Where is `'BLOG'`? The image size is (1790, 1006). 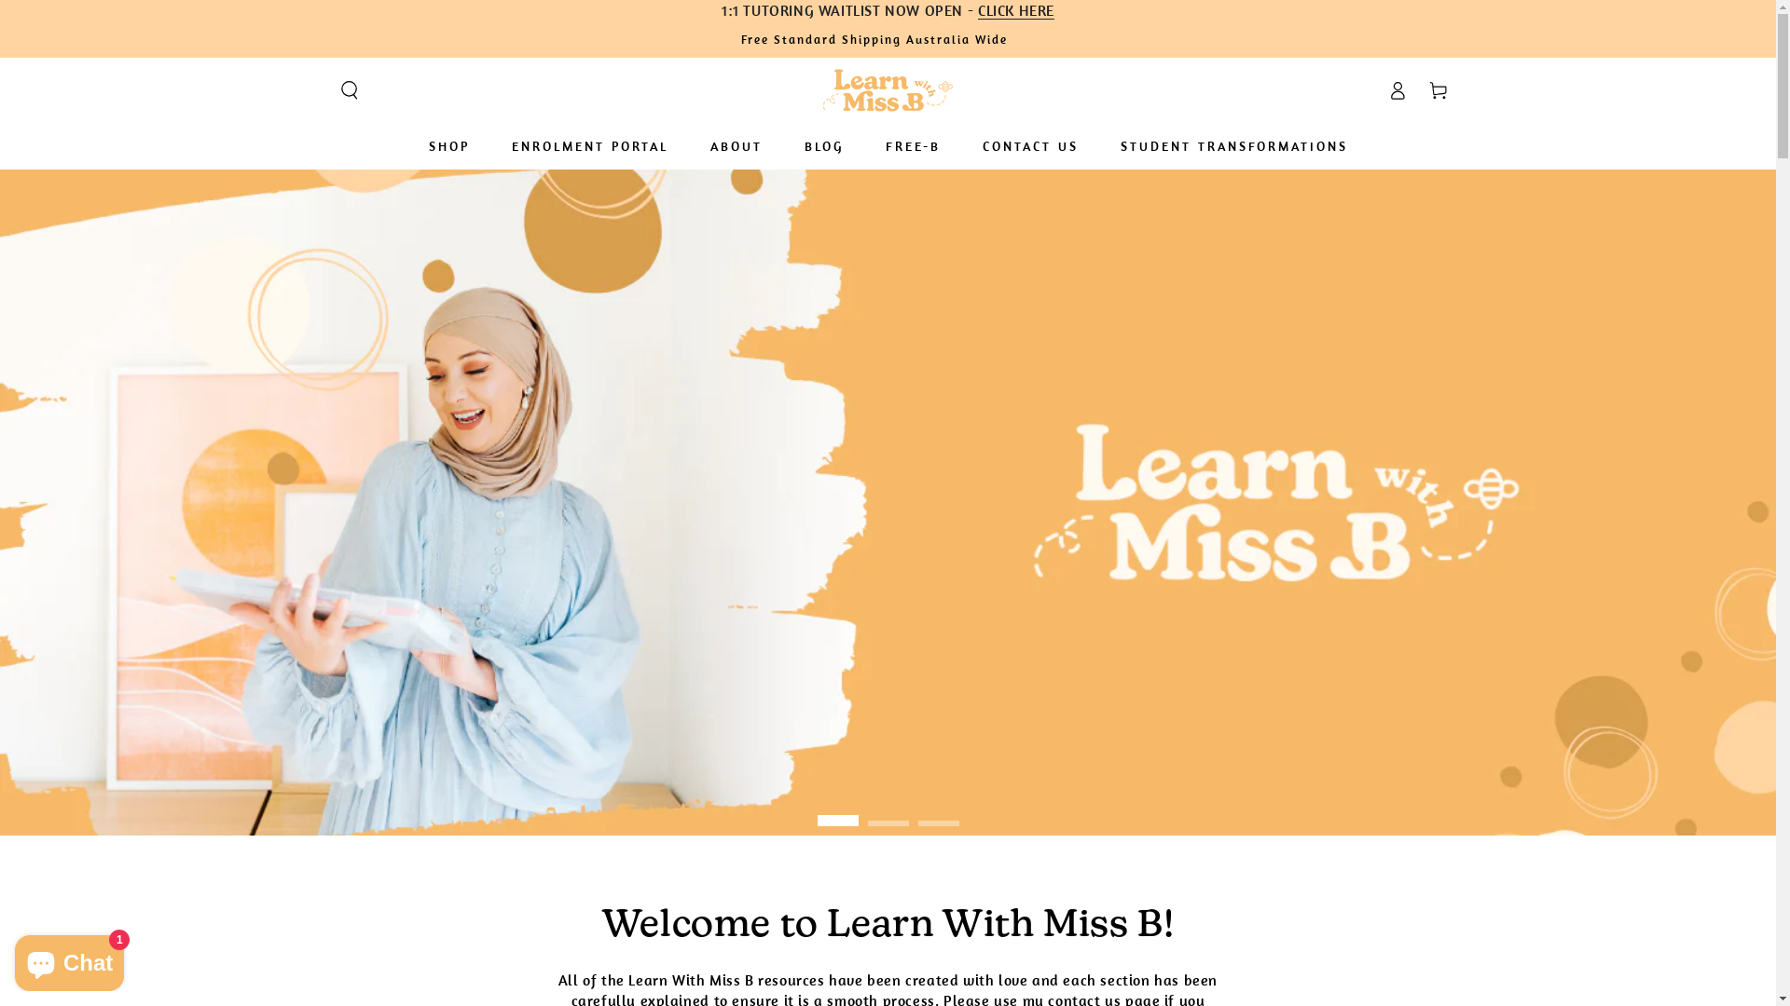
'BLOG' is located at coordinates (822, 145).